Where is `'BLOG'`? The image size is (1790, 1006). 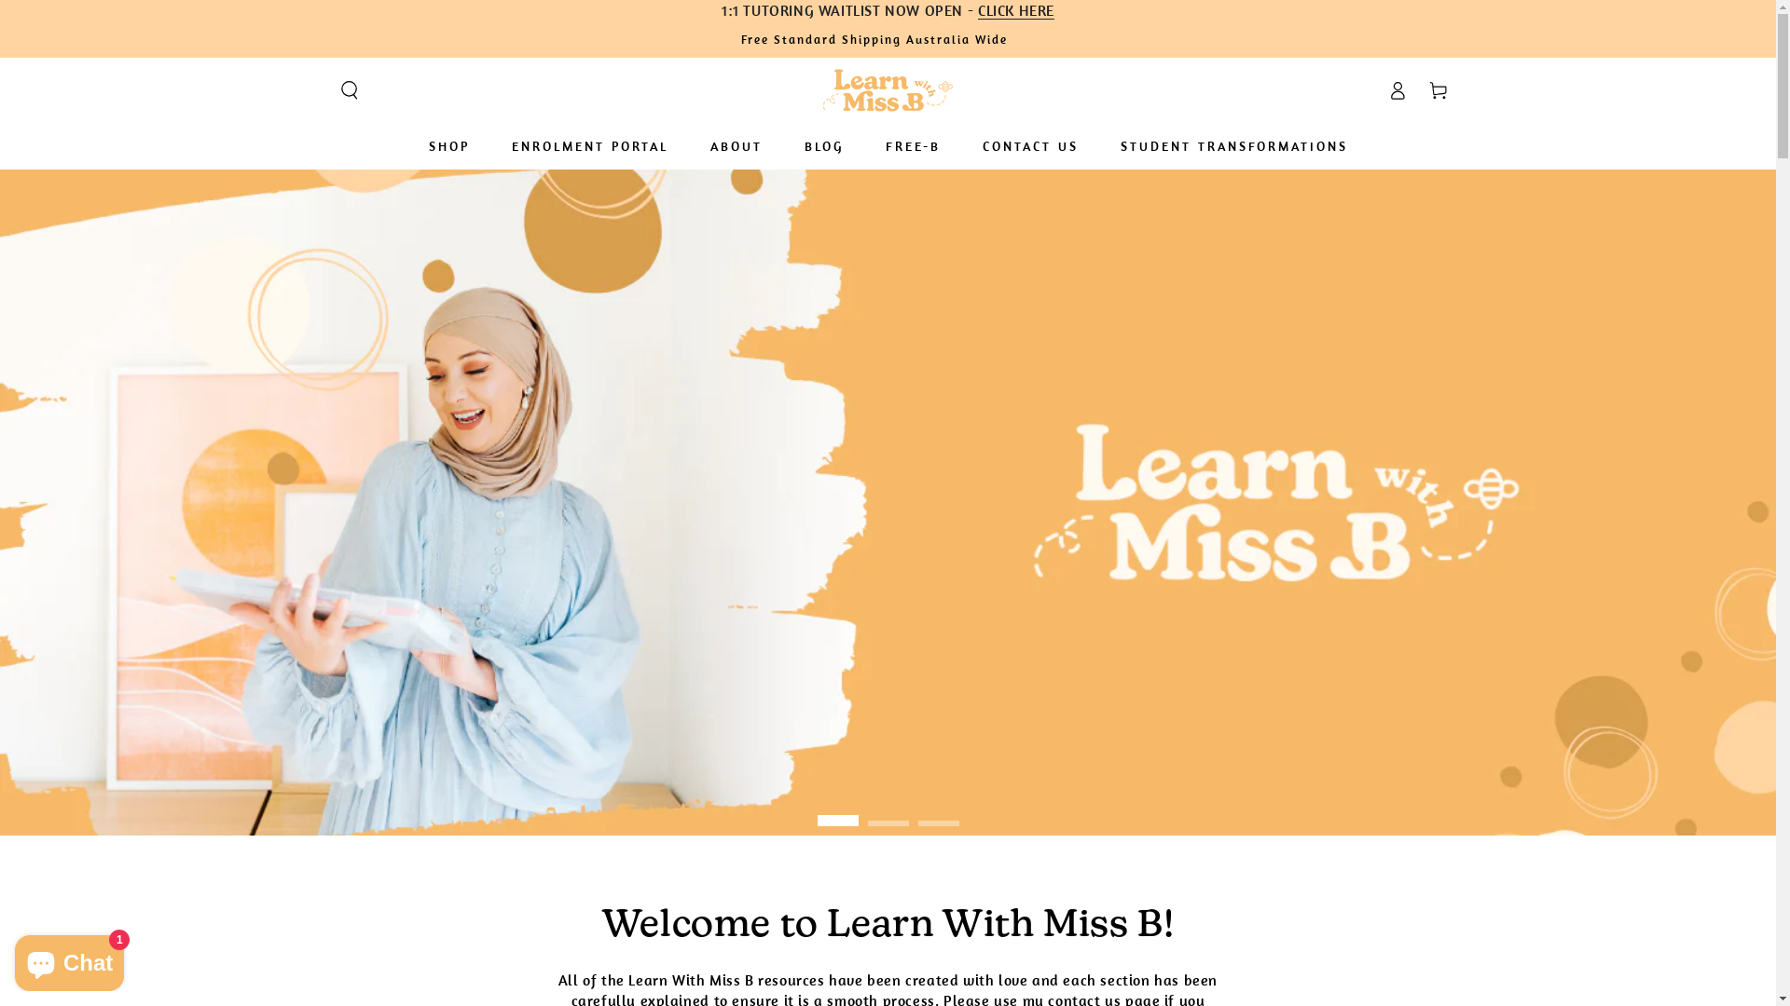
'BLOG' is located at coordinates (822, 145).